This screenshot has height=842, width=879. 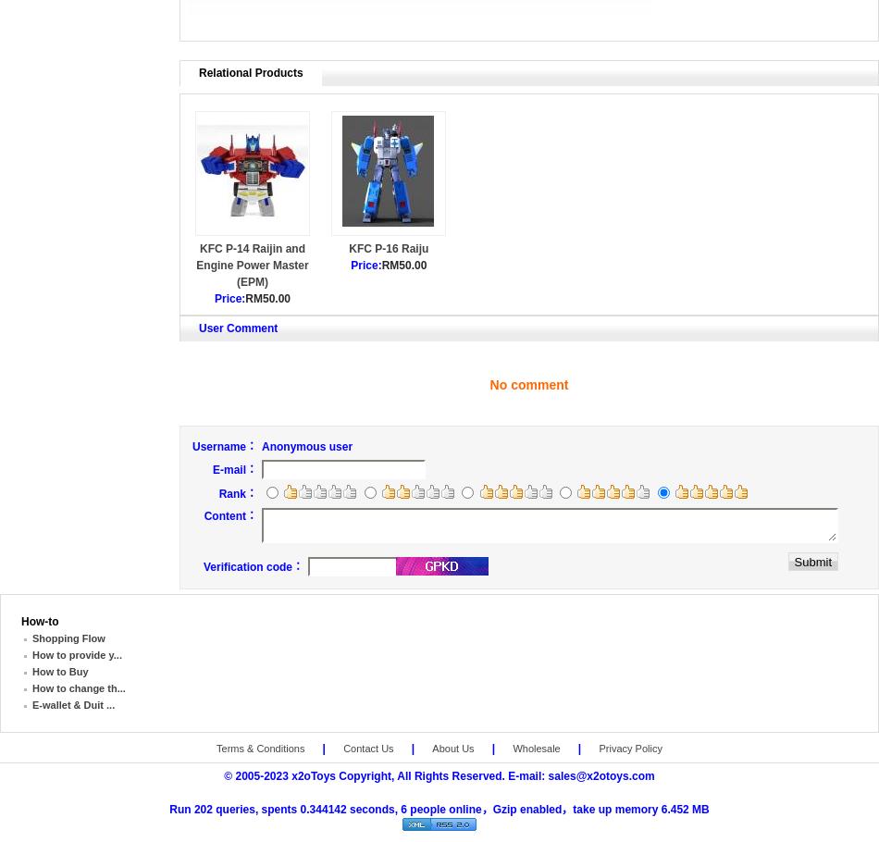 I want to click on 'Wholesale', so click(x=536, y=747).